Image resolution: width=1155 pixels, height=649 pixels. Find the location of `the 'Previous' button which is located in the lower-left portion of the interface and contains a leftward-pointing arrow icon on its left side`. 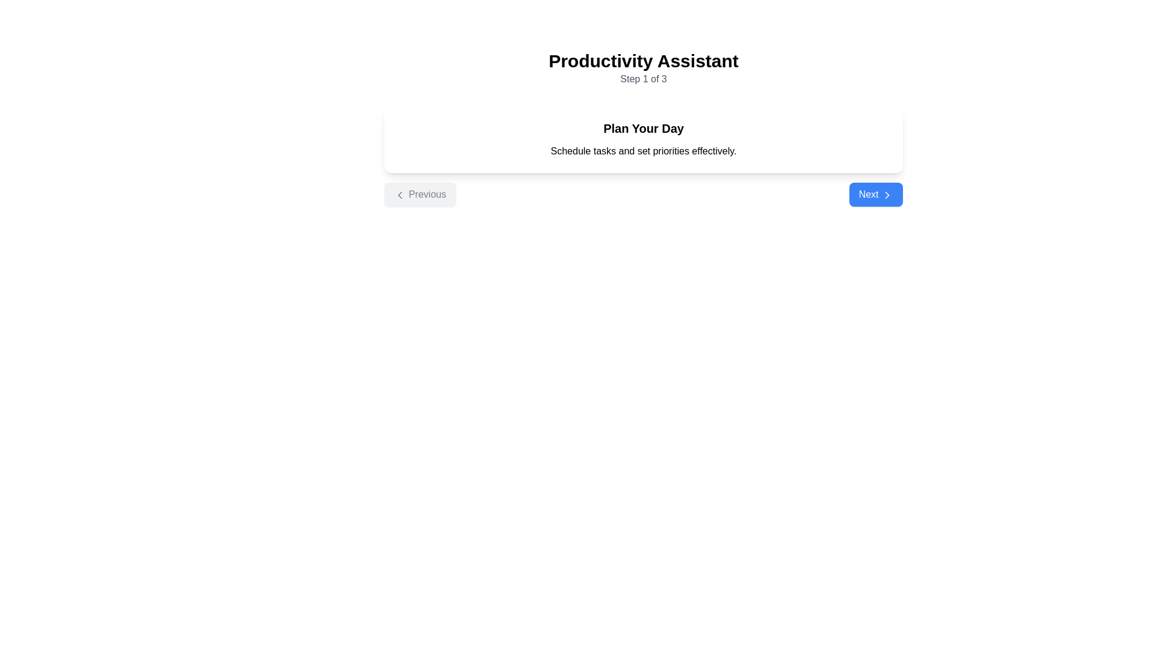

the 'Previous' button which is located in the lower-left portion of the interface and contains a leftward-pointing arrow icon on its left side is located at coordinates (400, 194).